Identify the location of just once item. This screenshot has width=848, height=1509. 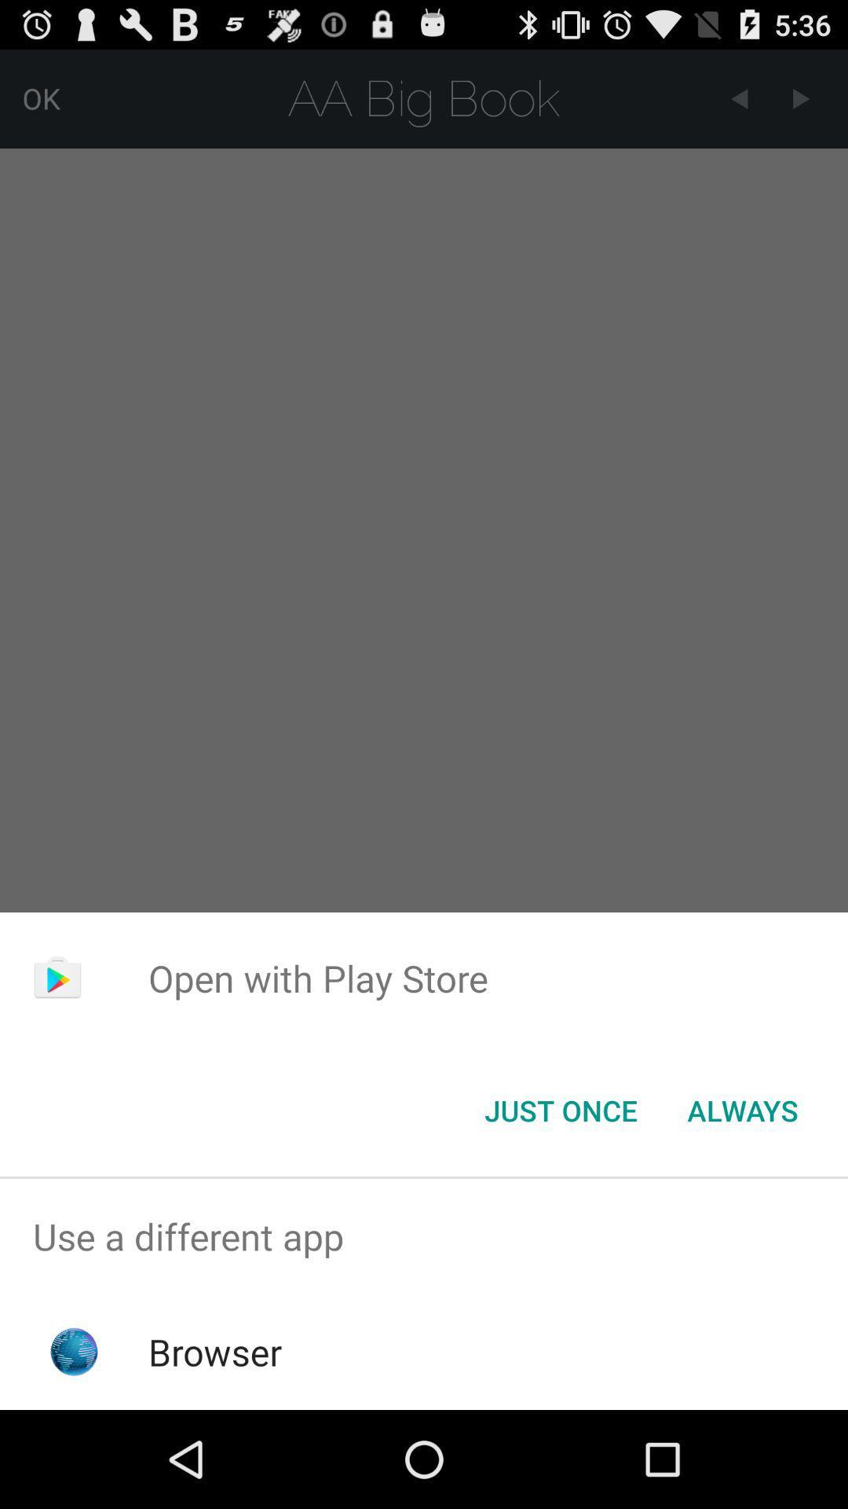
(560, 1109).